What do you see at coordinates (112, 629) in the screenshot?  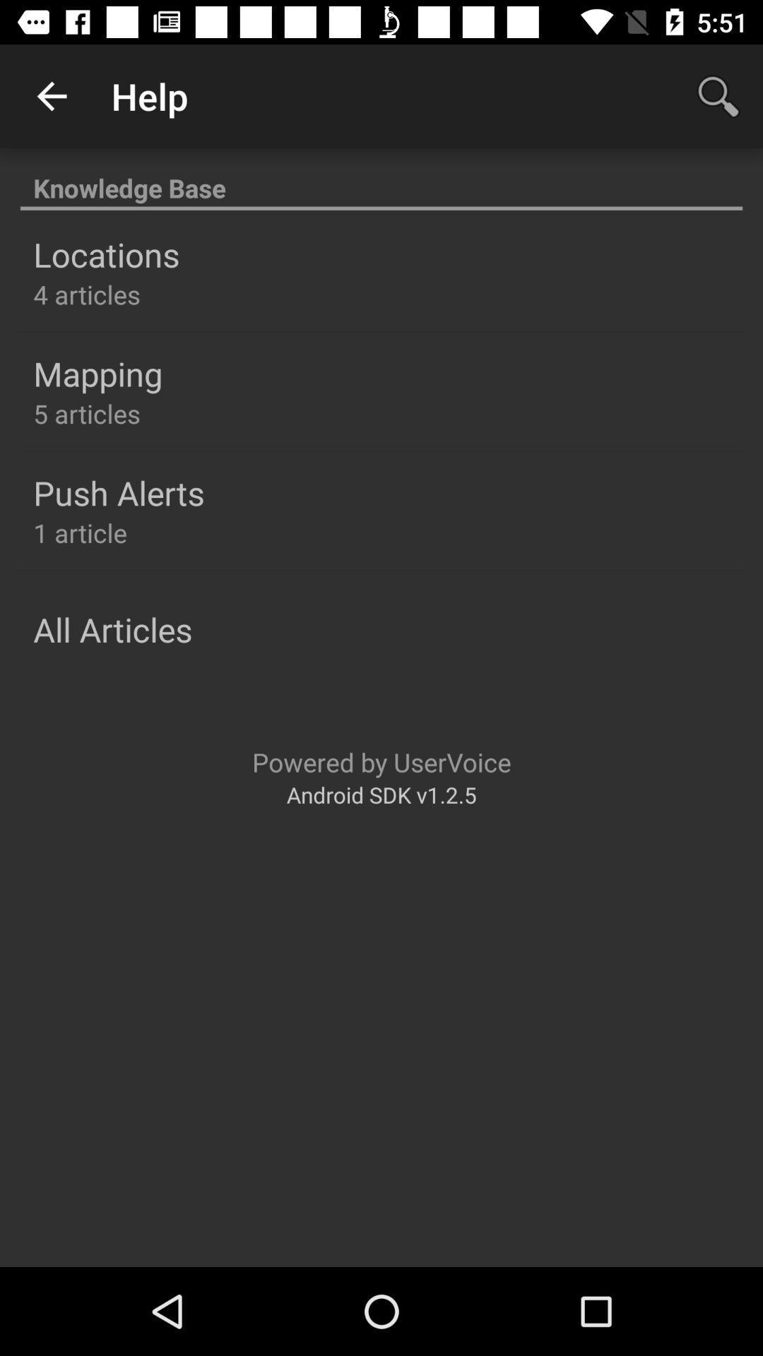 I see `all articles` at bounding box center [112, 629].